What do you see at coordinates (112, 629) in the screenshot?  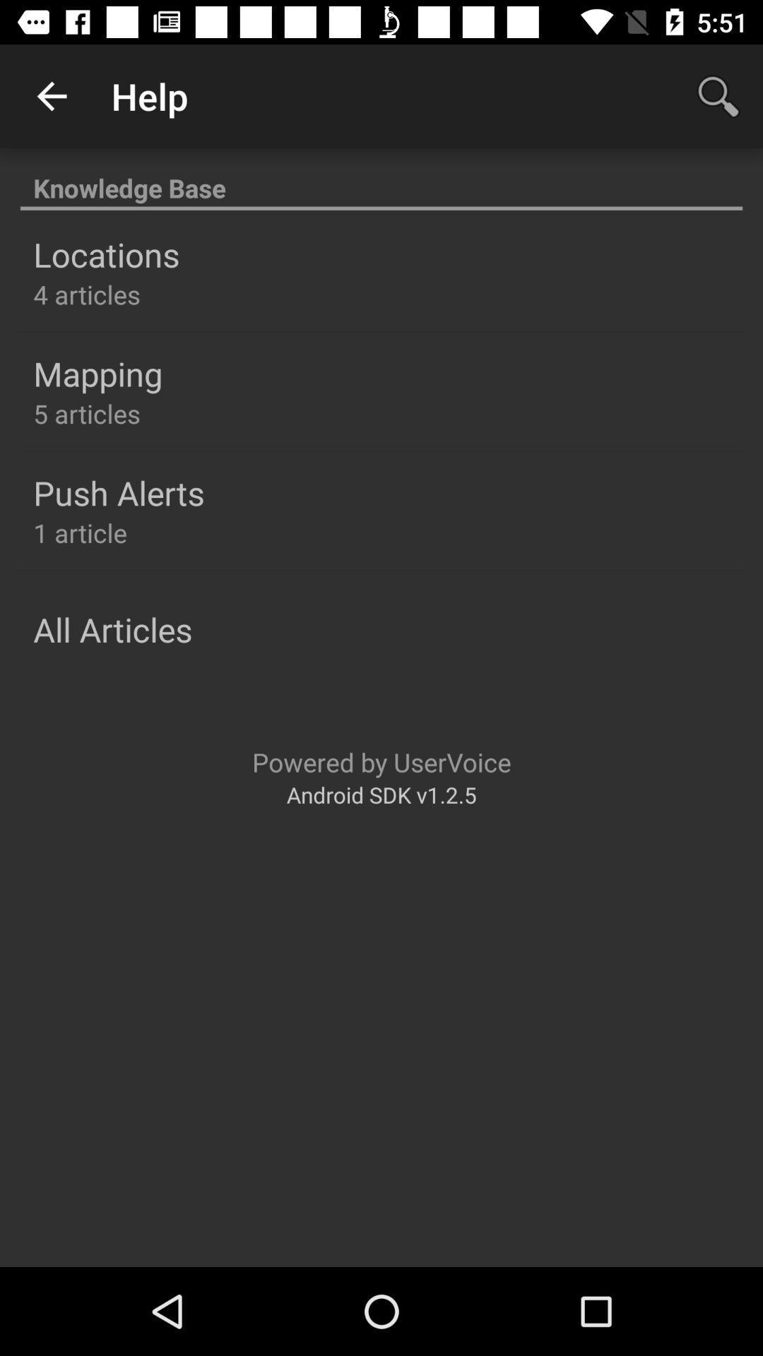 I see `all articles` at bounding box center [112, 629].